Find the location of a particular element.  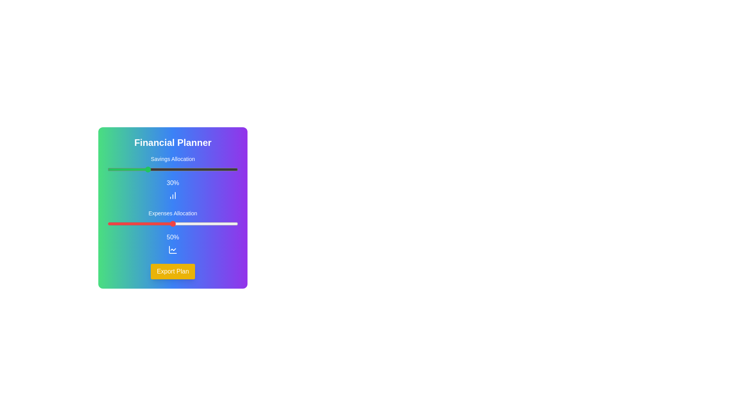

the savings allocation slider is located at coordinates (144, 169).